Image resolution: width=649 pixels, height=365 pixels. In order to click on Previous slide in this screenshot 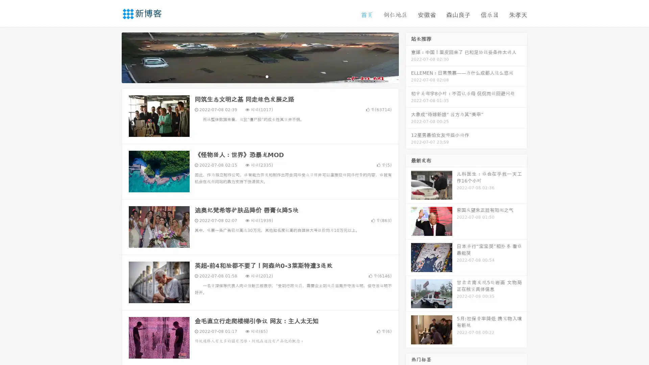, I will do `click(112, 57)`.